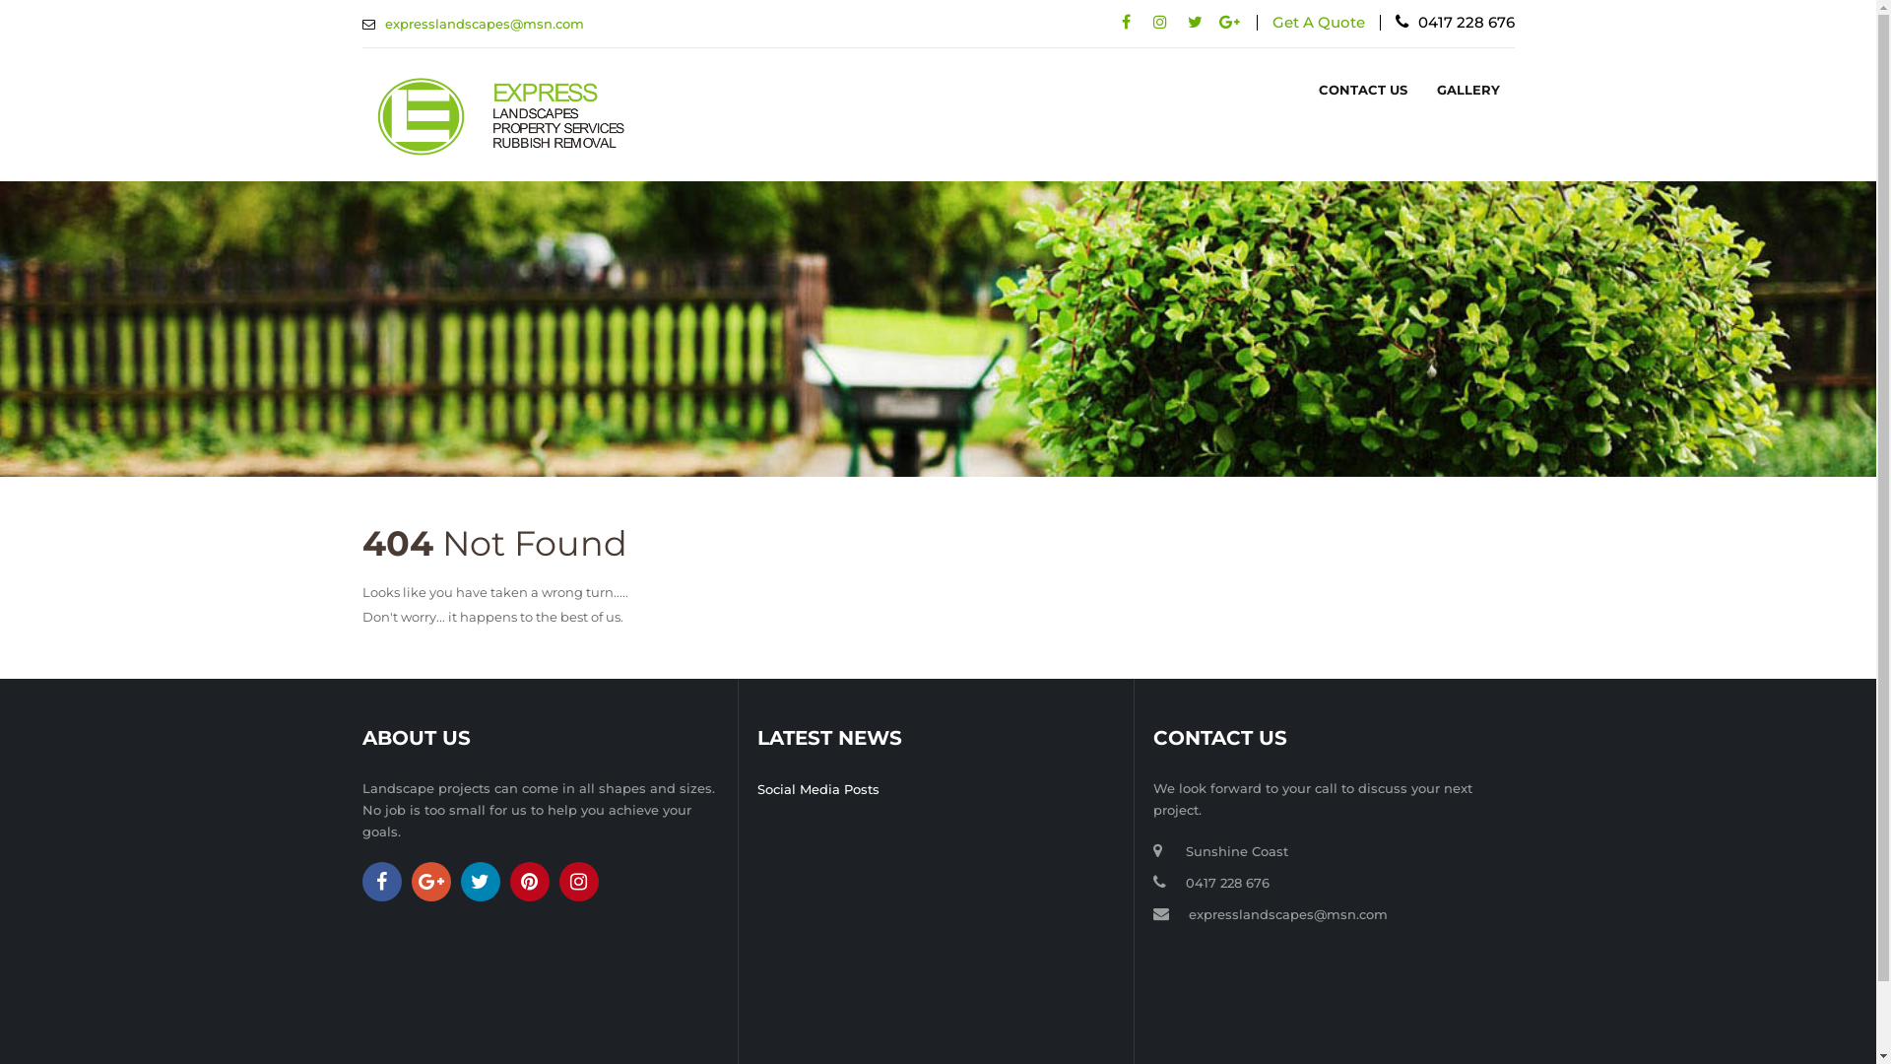 This screenshot has height=1064, width=1891. I want to click on 'GALLERY', so click(1468, 90).